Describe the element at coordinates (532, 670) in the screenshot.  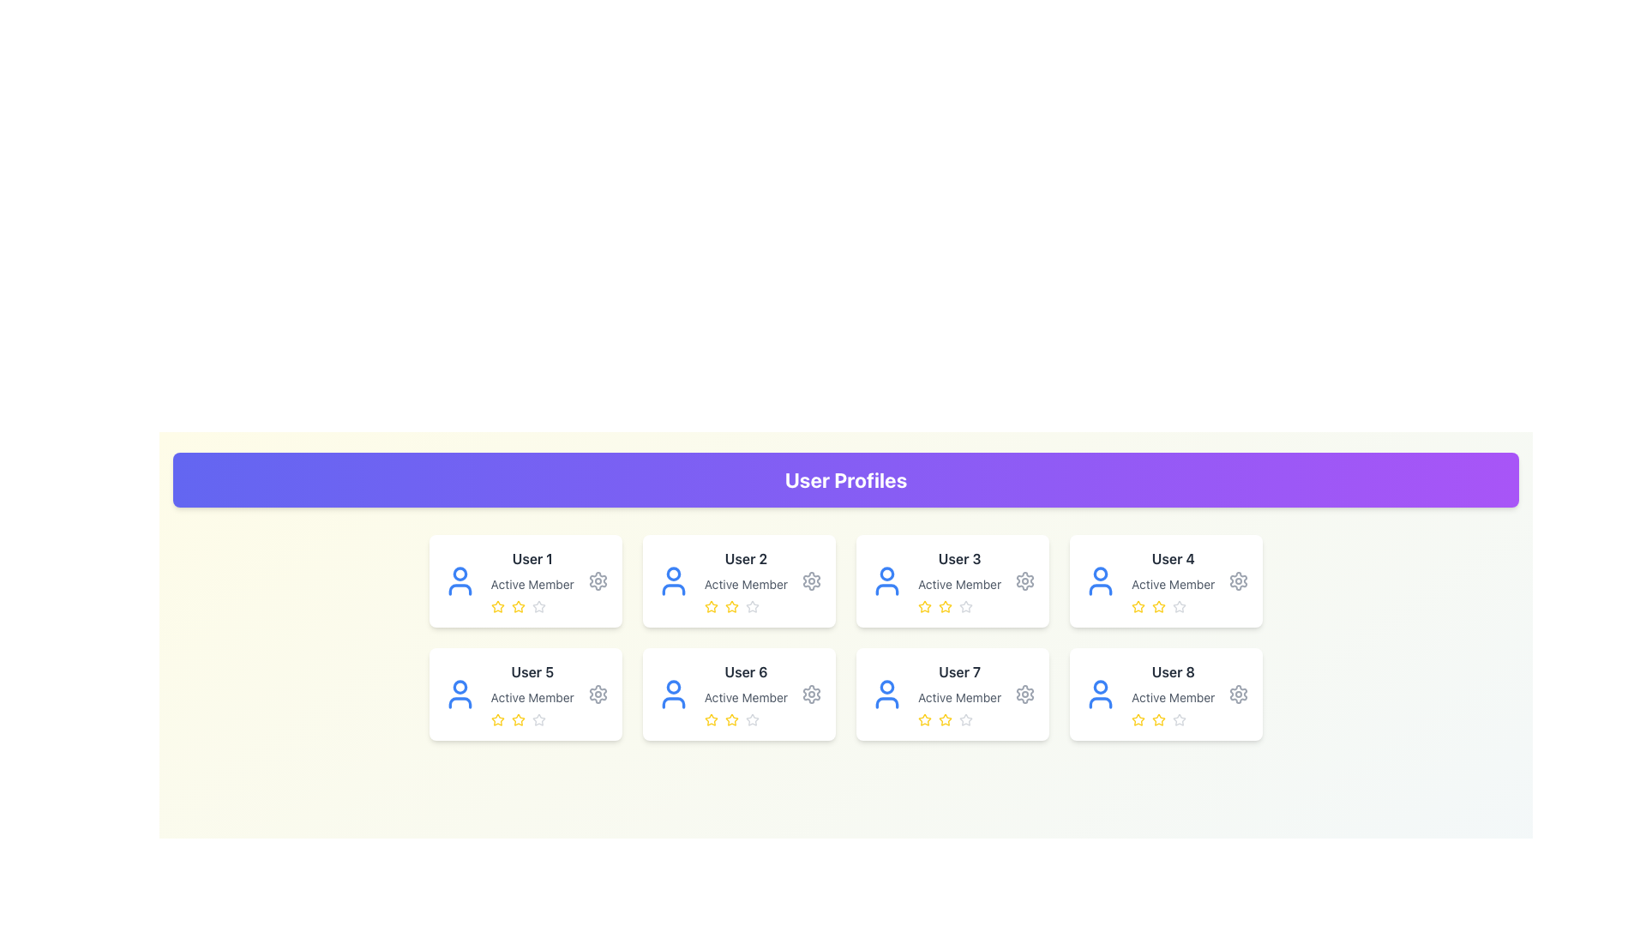
I see `the text label displaying 'User 5', which is styled in gray and bold font within the second row and first column of the user profile grid layout` at that location.